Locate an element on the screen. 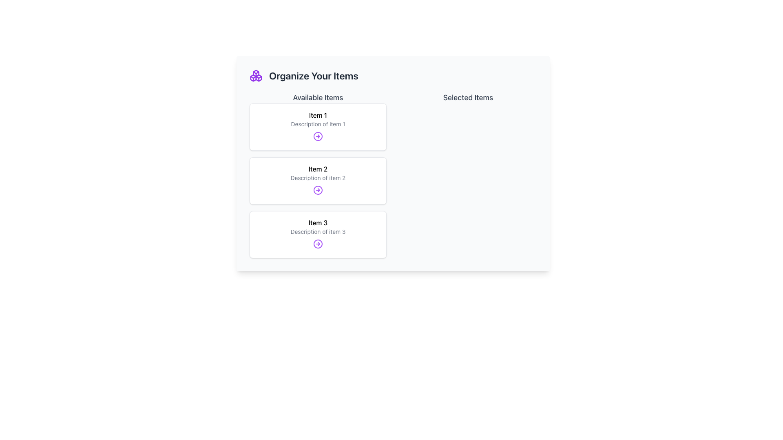 This screenshot has width=783, height=440. the Decorative Icon Fragment located above the 'Organize Your Items' header, which features a geometric design with a purple accent is located at coordinates (256, 73).